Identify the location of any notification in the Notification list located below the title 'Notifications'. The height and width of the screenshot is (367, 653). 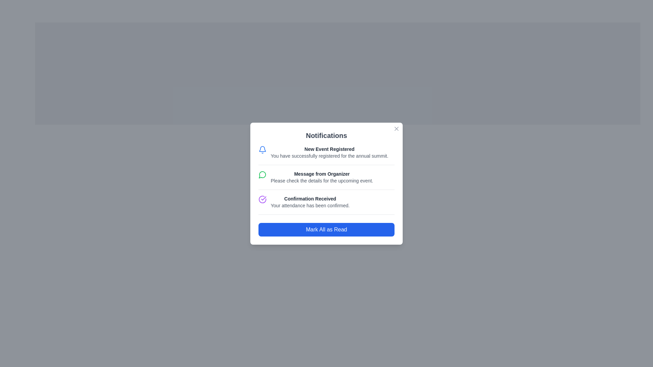
(326, 183).